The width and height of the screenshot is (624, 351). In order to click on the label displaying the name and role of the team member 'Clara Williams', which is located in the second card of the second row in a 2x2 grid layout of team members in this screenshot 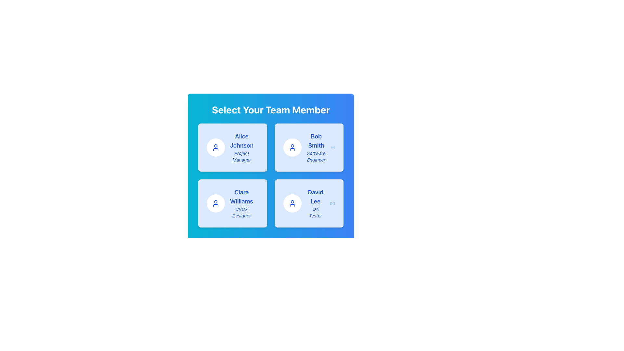, I will do `click(241, 203)`.